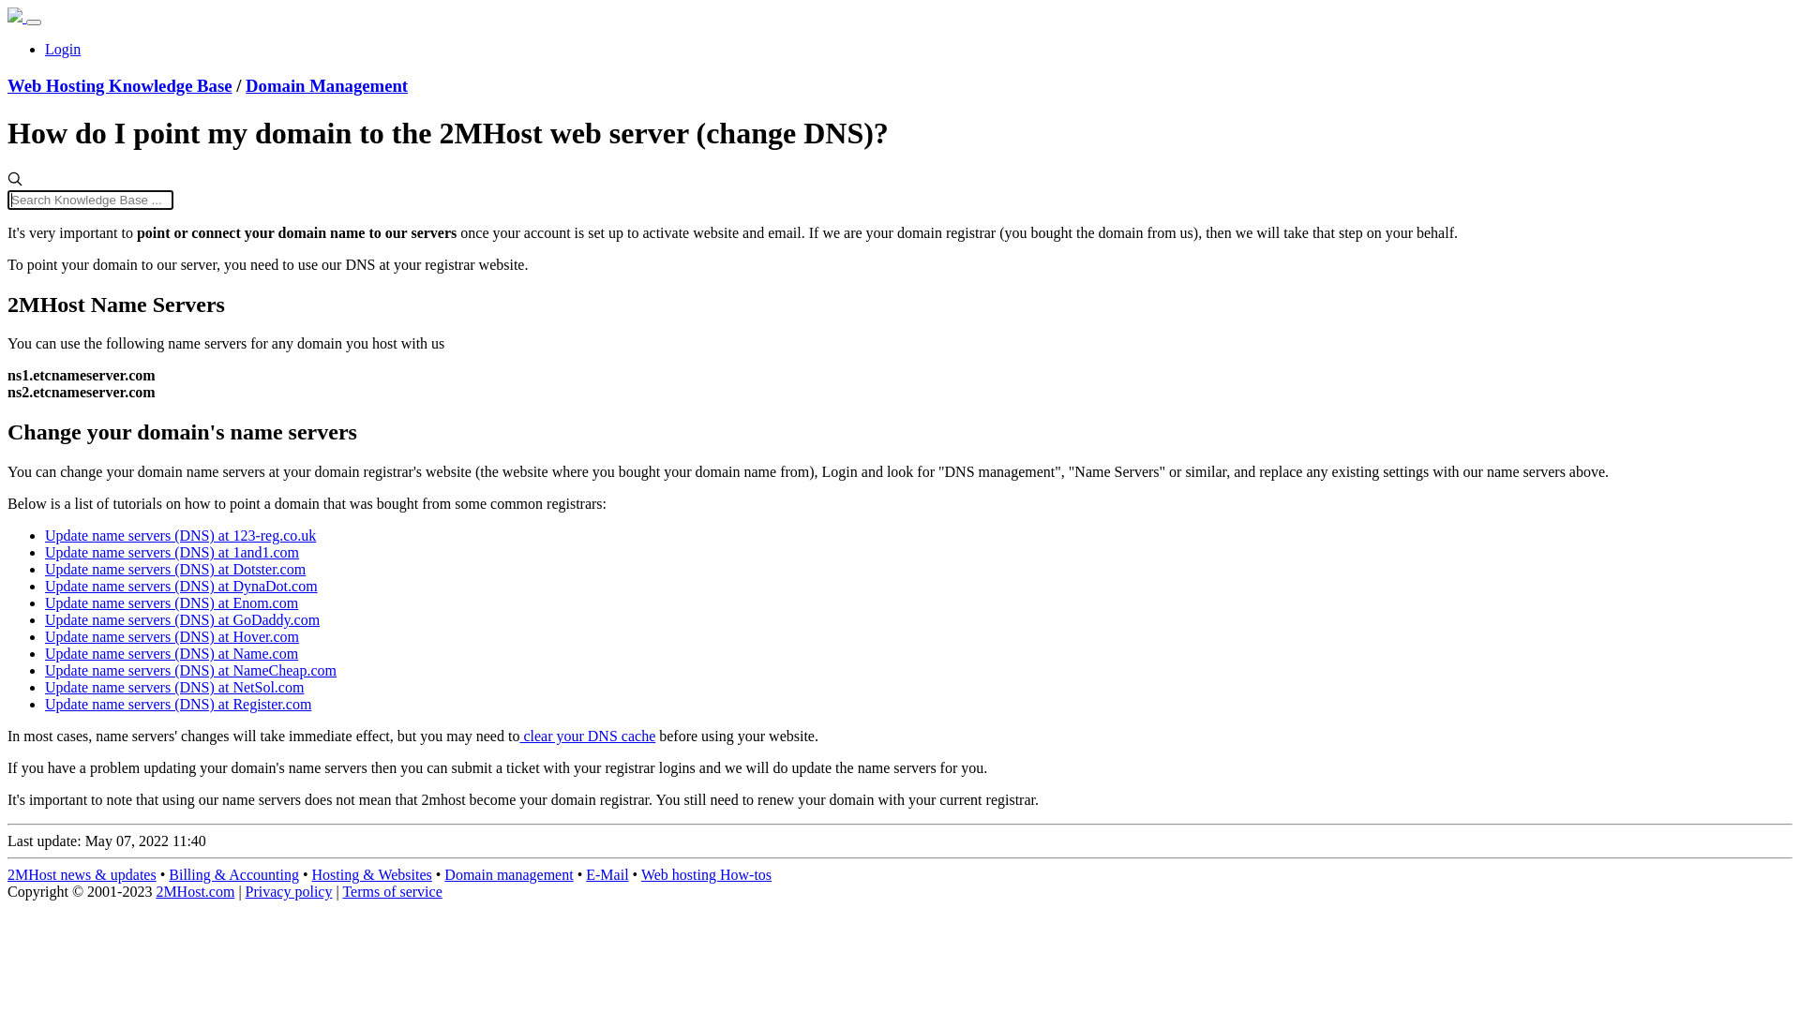 Image resolution: width=1800 pixels, height=1012 pixels. I want to click on 'Billing & Accounting', so click(232, 874).